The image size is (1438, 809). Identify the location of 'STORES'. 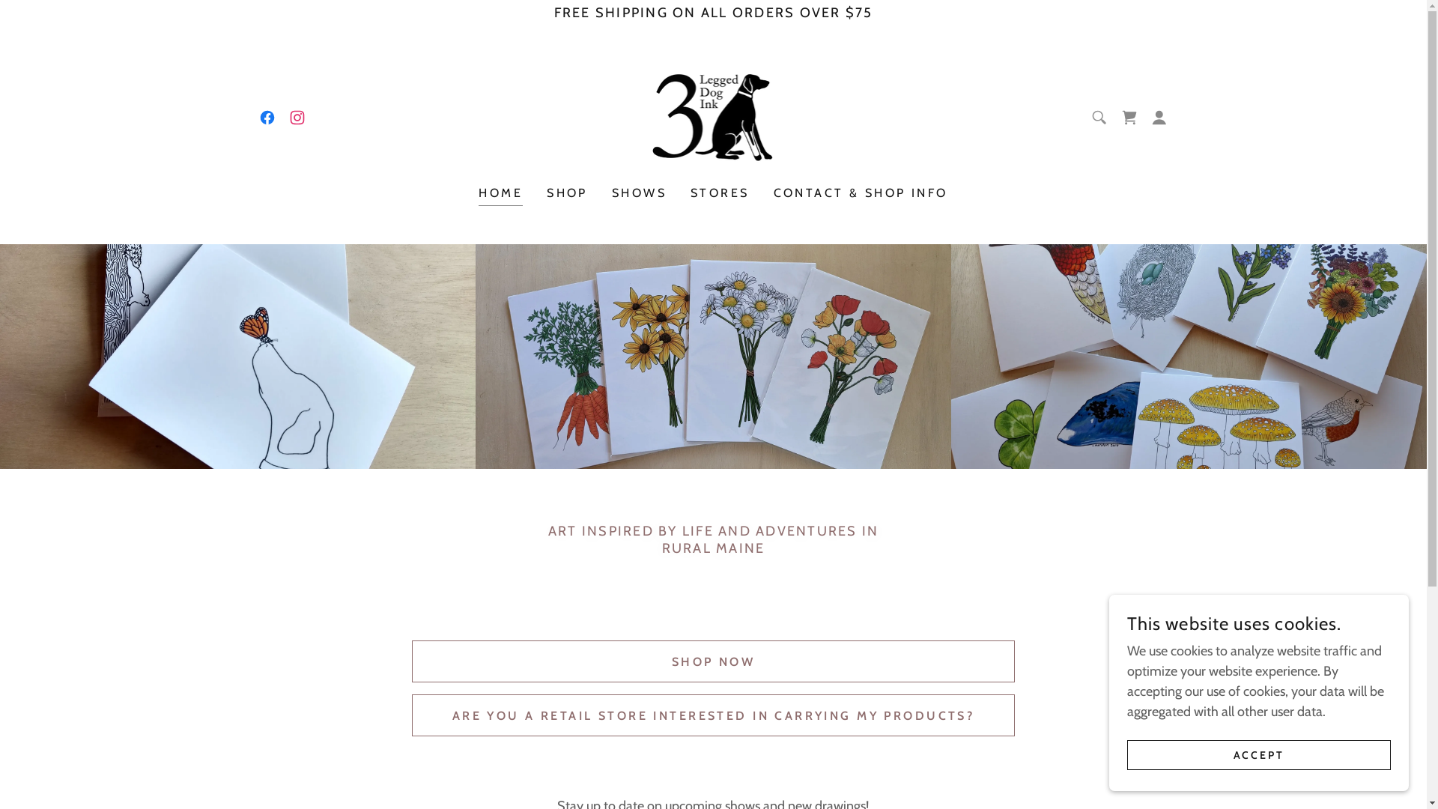
(720, 193).